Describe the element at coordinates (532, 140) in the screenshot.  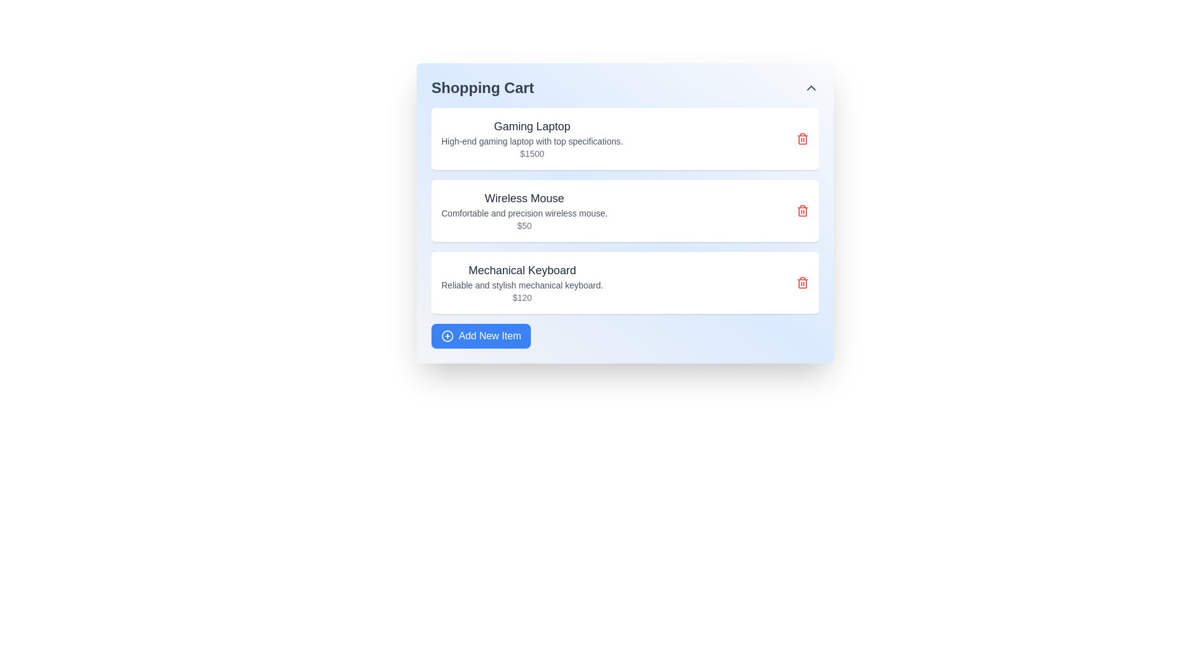
I see `text content of the descriptive Text Label located beneath the title 'Gaming Laptop' and above the price '$1500'` at that location.